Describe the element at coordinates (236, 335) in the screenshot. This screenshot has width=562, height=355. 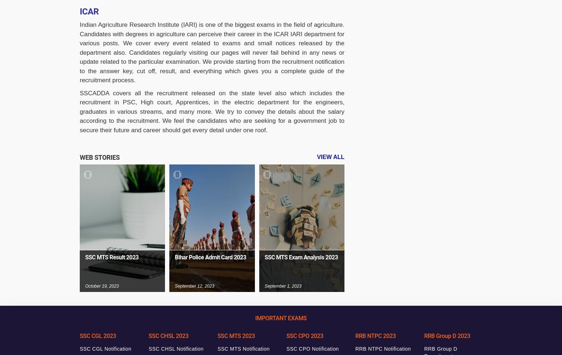
I see `'SSC MTS 2023'` at that location.